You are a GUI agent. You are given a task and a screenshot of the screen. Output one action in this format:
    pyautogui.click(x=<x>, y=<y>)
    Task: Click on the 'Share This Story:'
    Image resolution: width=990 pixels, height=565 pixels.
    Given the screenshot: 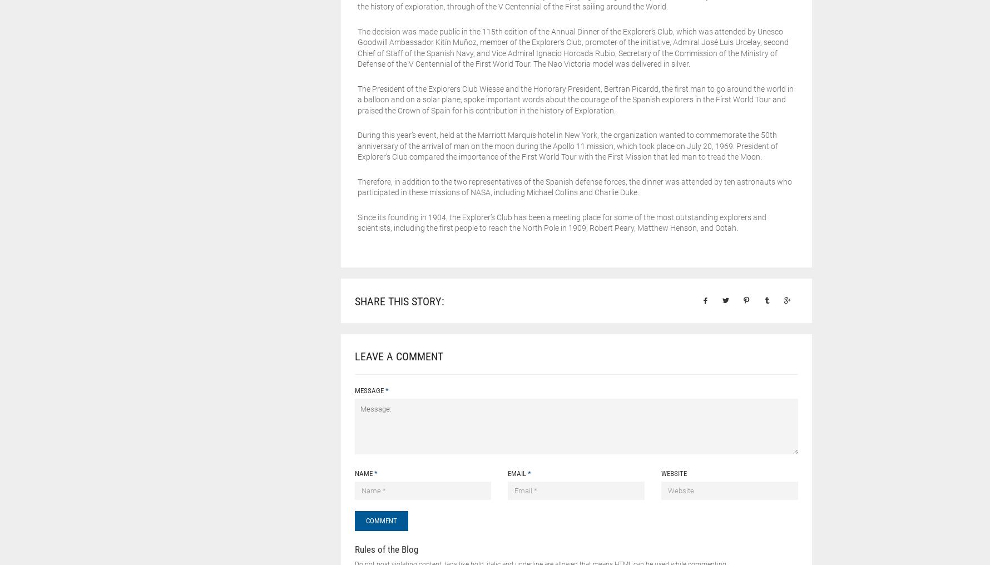 What is the action you would take?
    pyautogui.click(x=398, y=300)
    